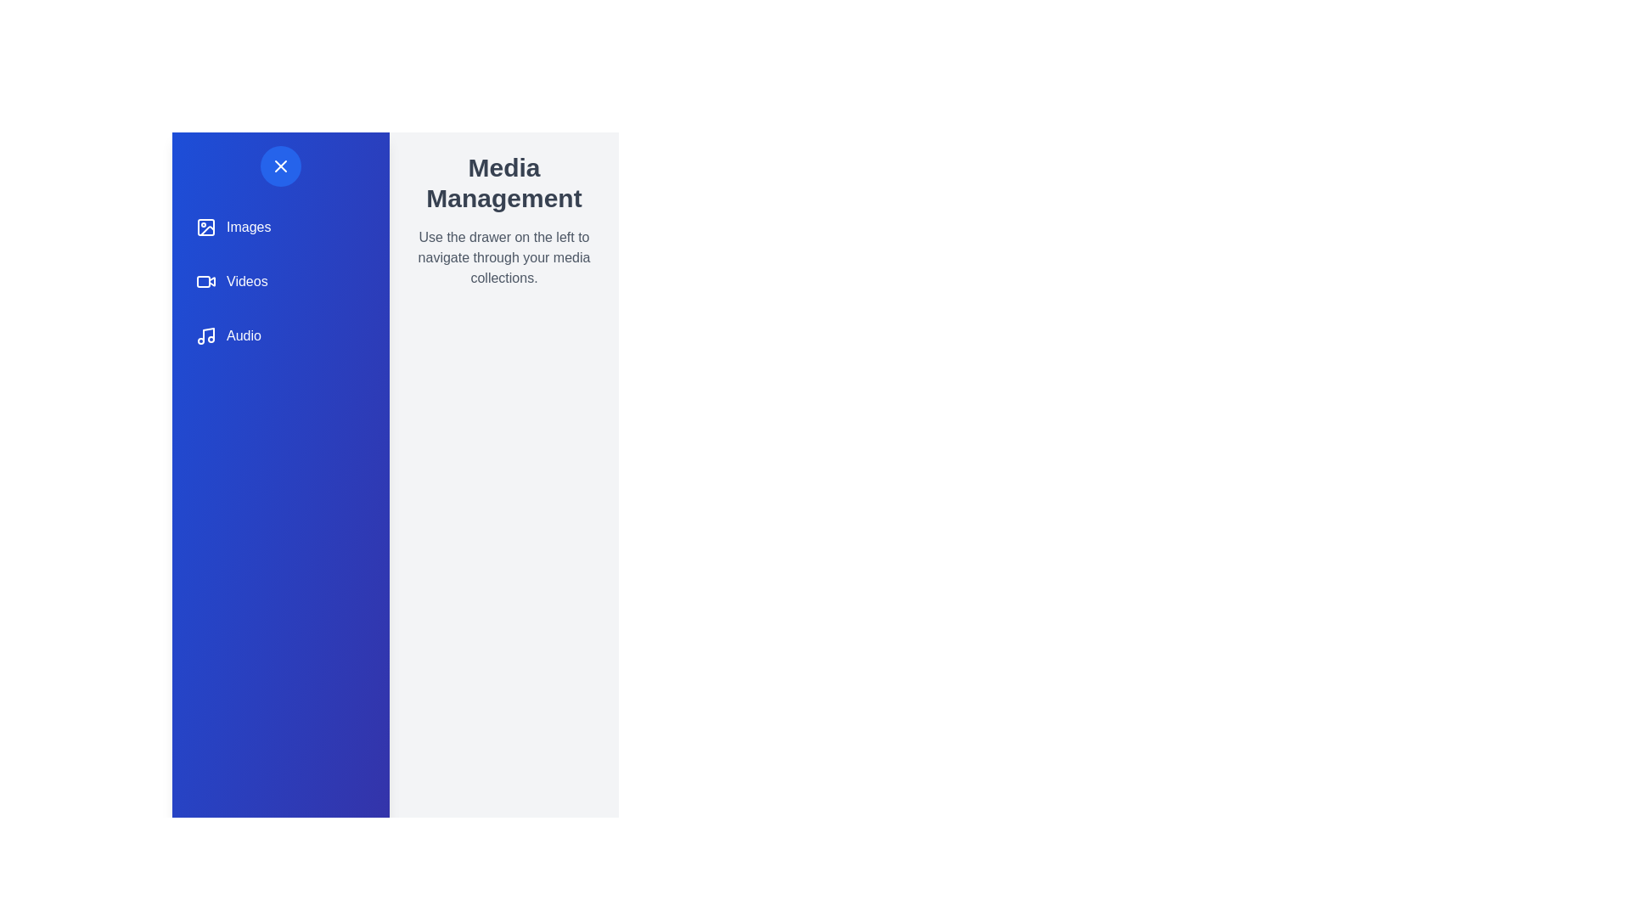 The image size is (1630, 917). What do you see at coordinates (211, 280) in the screenshot?
I see `the playback triangle within the 'Videos' navigation icon, which is the second icon in the vertical list on the blue sidebar, located between the 'Images' and 'Audio' icons` at bounding box center [211, 280].